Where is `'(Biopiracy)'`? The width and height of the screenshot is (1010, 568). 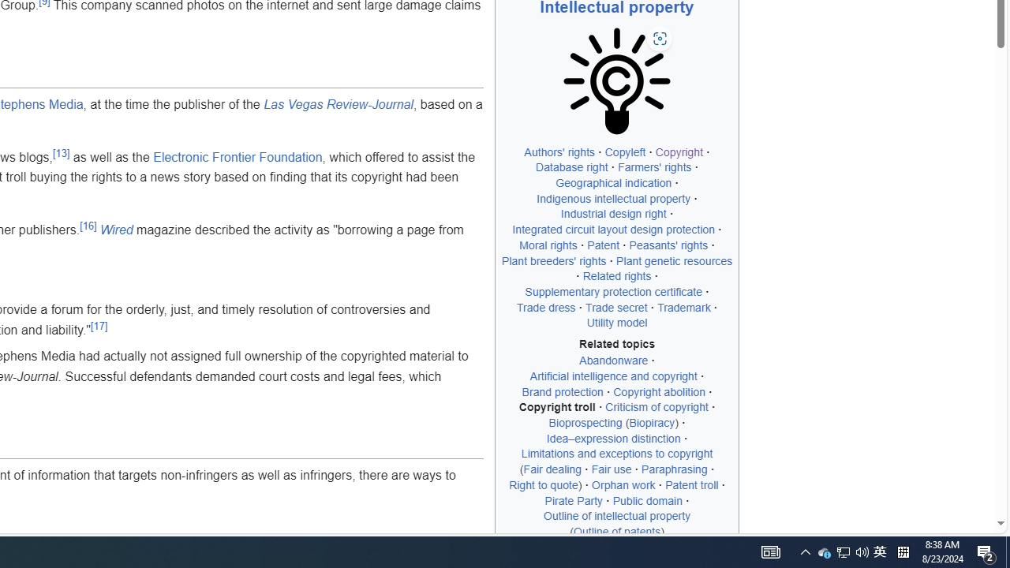
'(Biopiracy)' is located at coordinates (652, 422).